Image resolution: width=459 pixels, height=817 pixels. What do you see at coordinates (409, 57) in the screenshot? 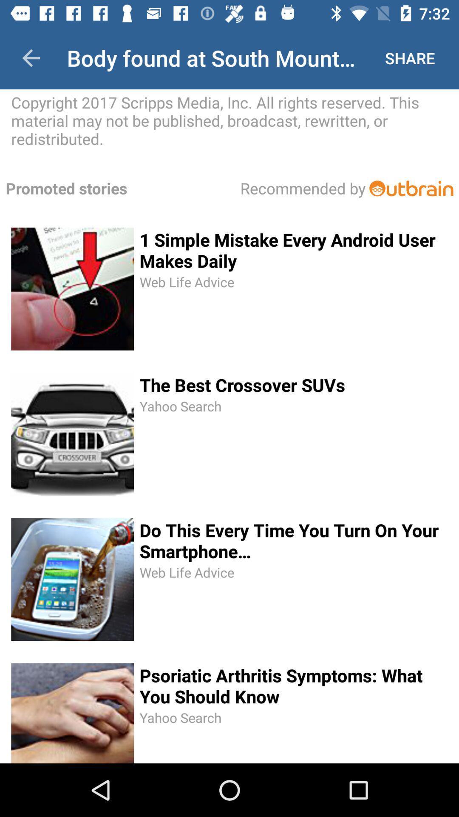
I see `item above copyright 2017 scripps item` at bounding box center [409, 57].